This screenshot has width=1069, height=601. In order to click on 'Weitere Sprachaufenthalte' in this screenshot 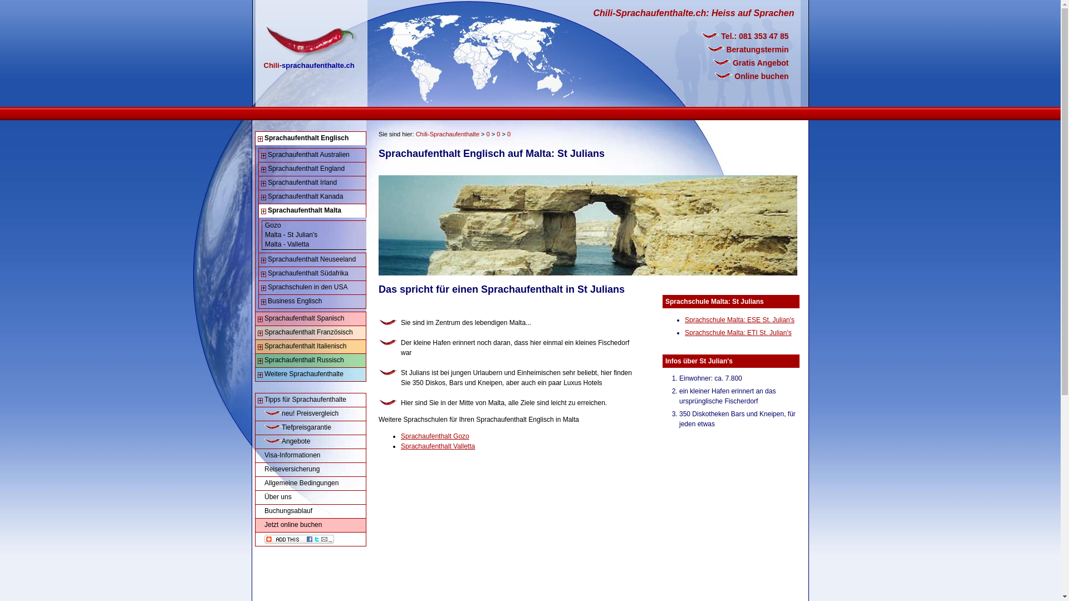, I will do `click(311, 374)`.